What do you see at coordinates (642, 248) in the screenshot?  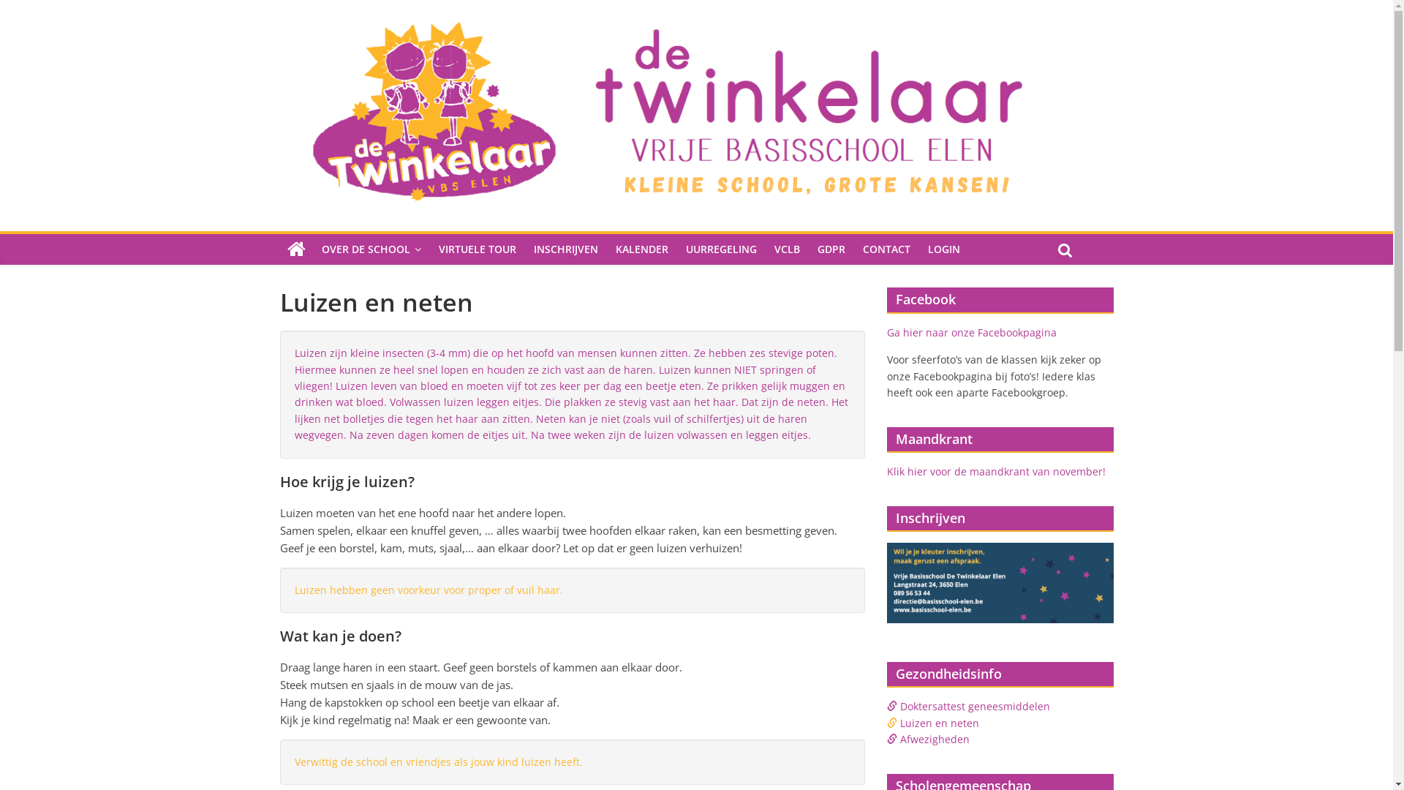 I see `'KALENDER'` at bounding box center [642, 248].